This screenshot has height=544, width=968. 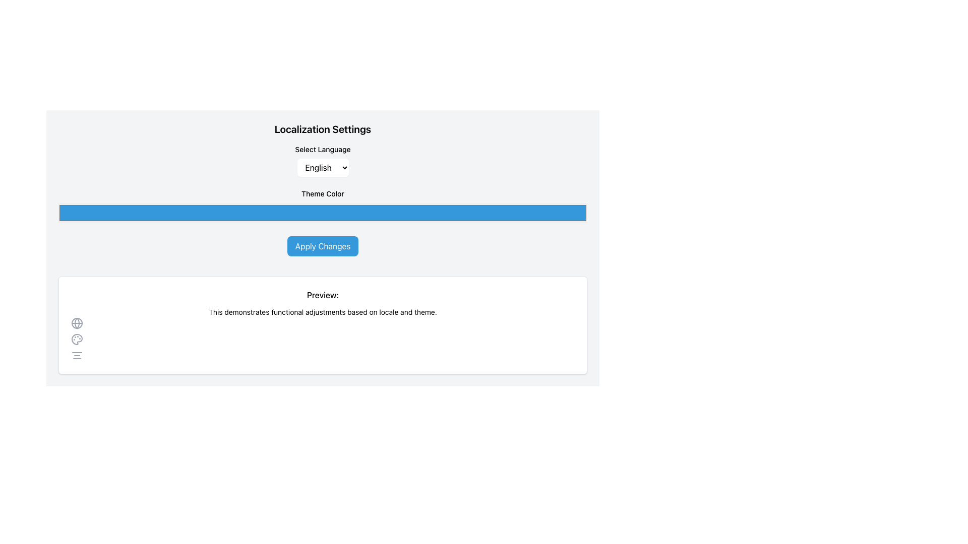 What do you see at coordinates (323, 246) in the screenshot?
I see `the button in the 'Localization Settings' area to apply the selected language and theme color settings` at bounding box center [323, 246].